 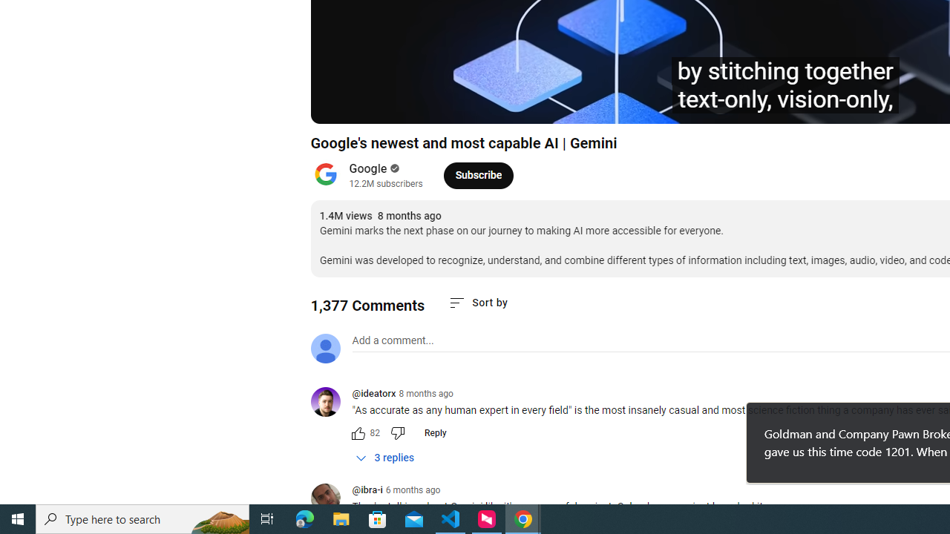 I want to click on '@ideatorx', so click(x=330, y=403).